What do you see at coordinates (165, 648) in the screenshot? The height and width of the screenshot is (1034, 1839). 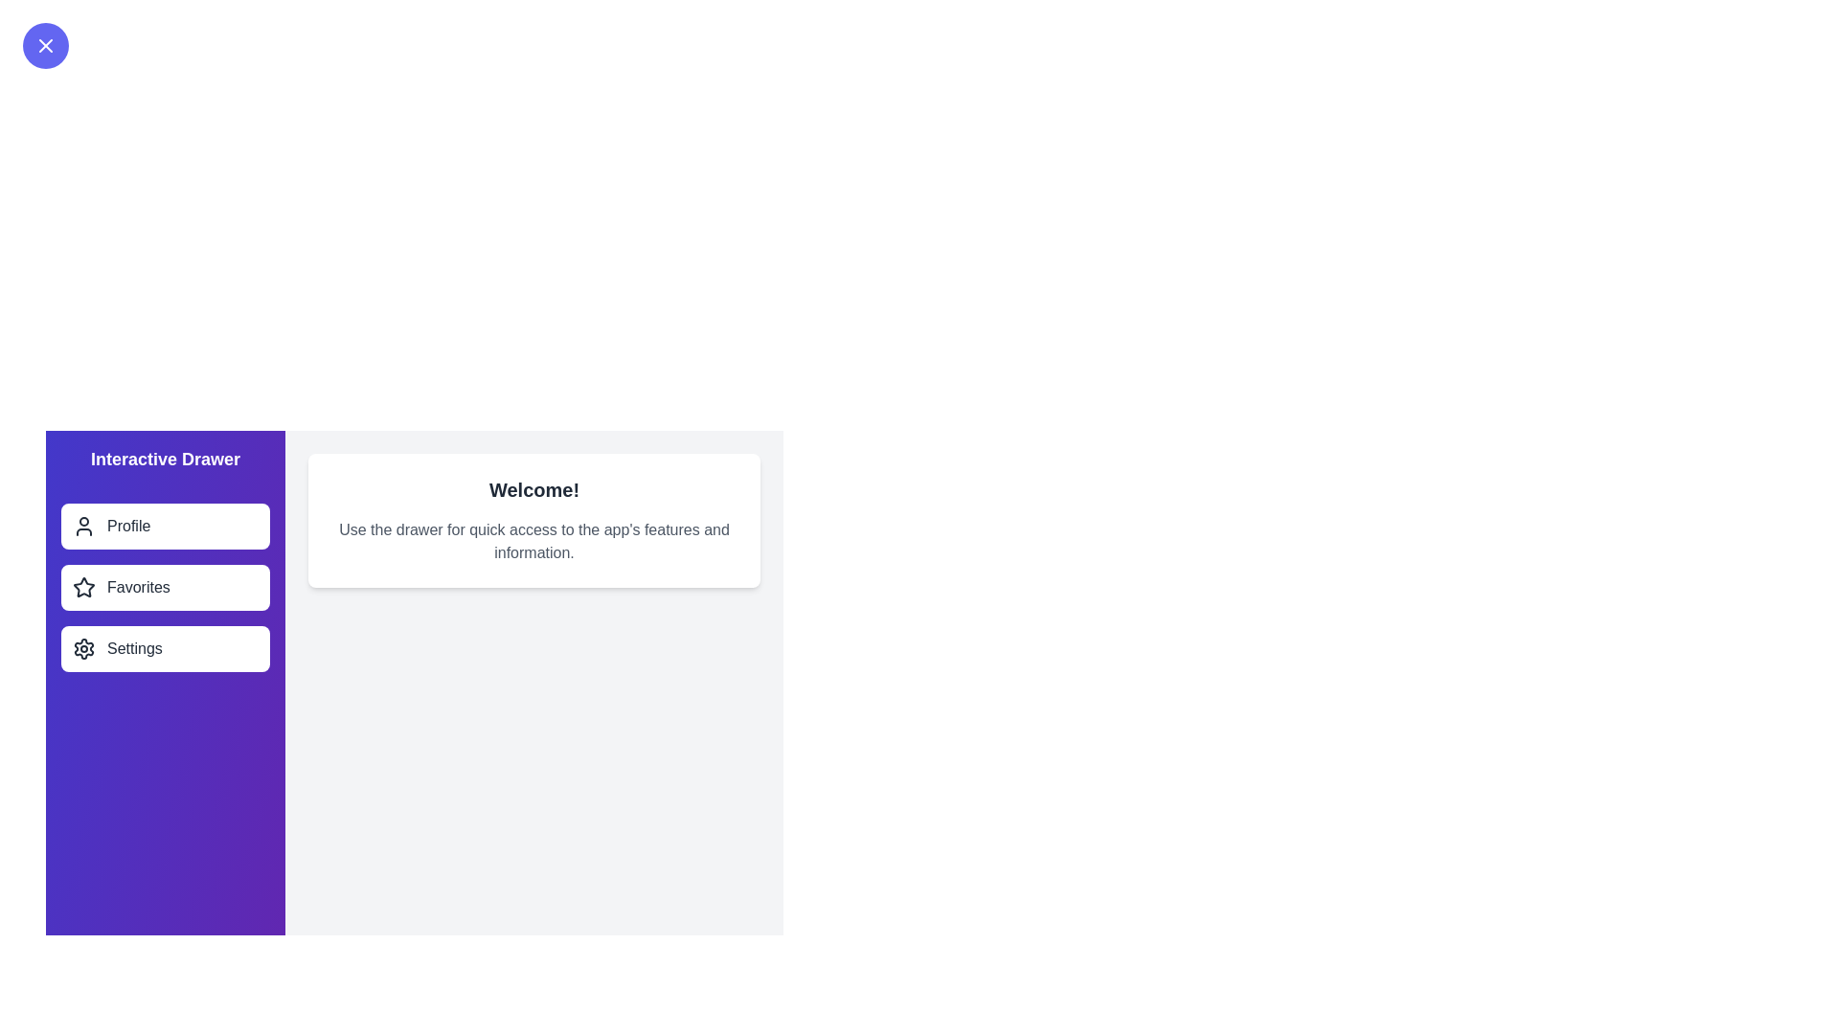 I see `the menu item Settings to navigate` at bounding box center [165, 648].